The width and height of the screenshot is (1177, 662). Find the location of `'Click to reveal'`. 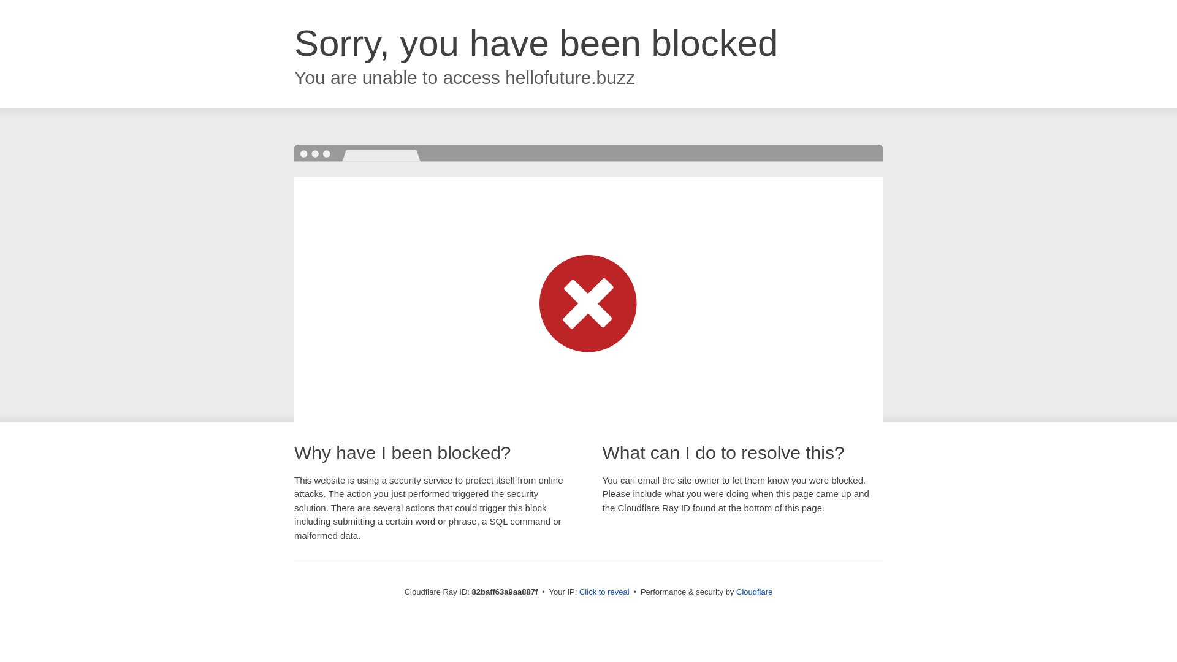

'Click to reveal' is located at coordinates (579, 591).